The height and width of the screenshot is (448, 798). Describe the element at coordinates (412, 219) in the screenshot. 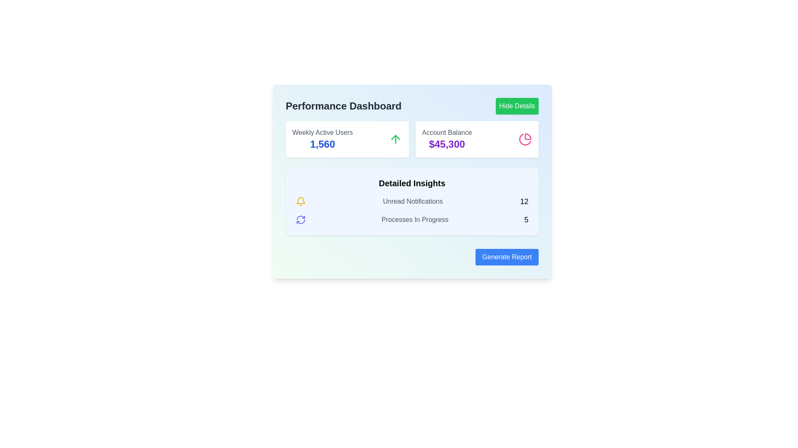

I see `the Text element that displays the count of processes currently in progress within the 'Detailed Insights' section` at that location.